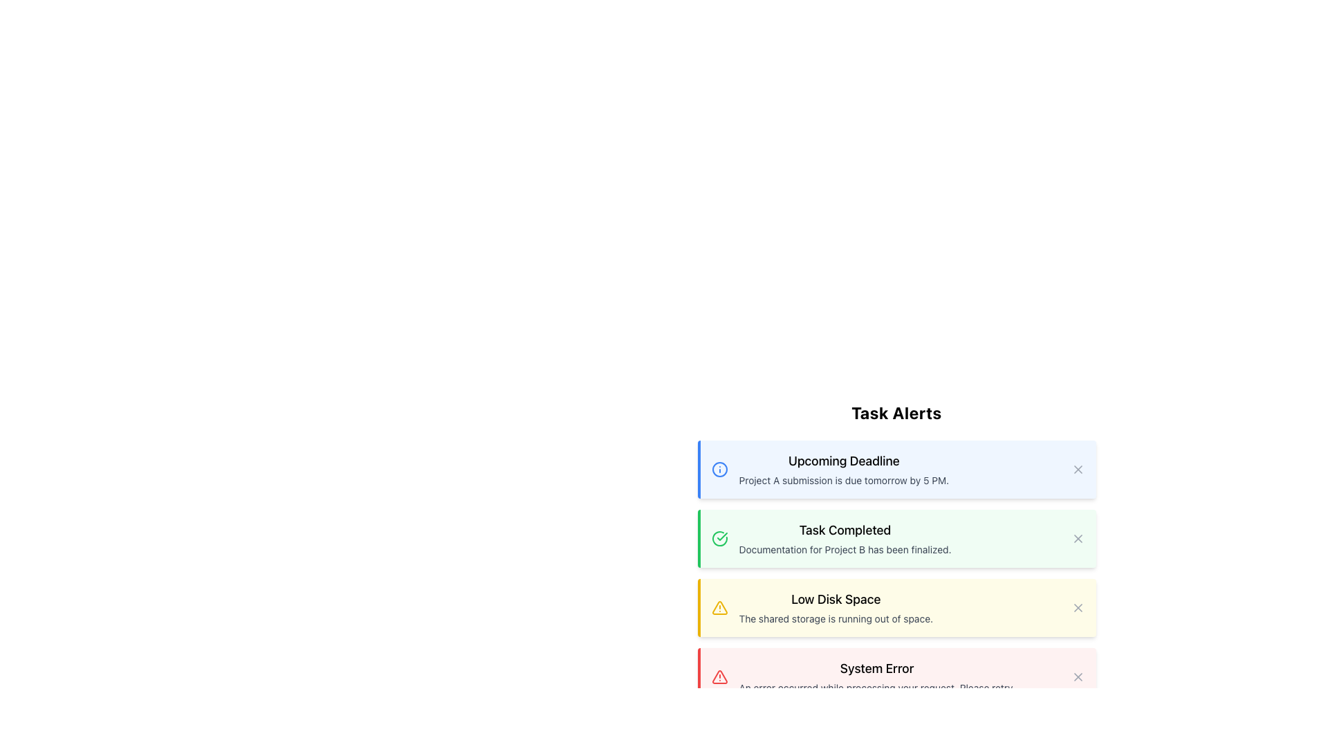 This screenshot has width=1328, height=747. Describe the element at coordinates (835, 607) in the screenshot. I see `the Notification element that displays 'Low Disk Space' with a yellow background, positioned between the 'Task Completed' and 'System Error' alerts` at that location.